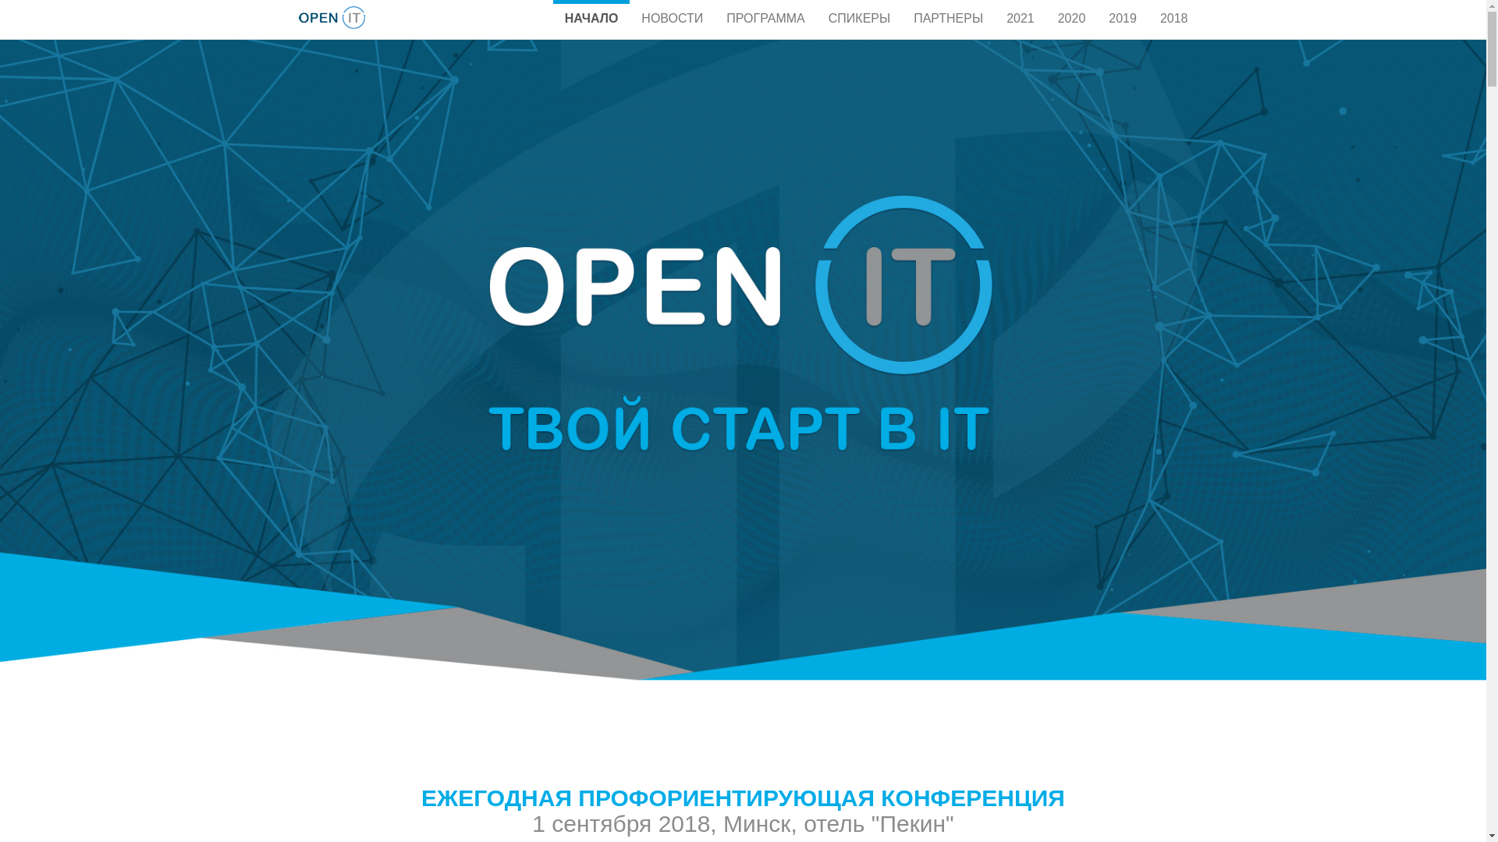 The width and height of the screenshot is (1498, 842). What do you see at coordinates (1070, 17) in the screenshot?
I see `'2020'` at bounding box center [1070, 17].